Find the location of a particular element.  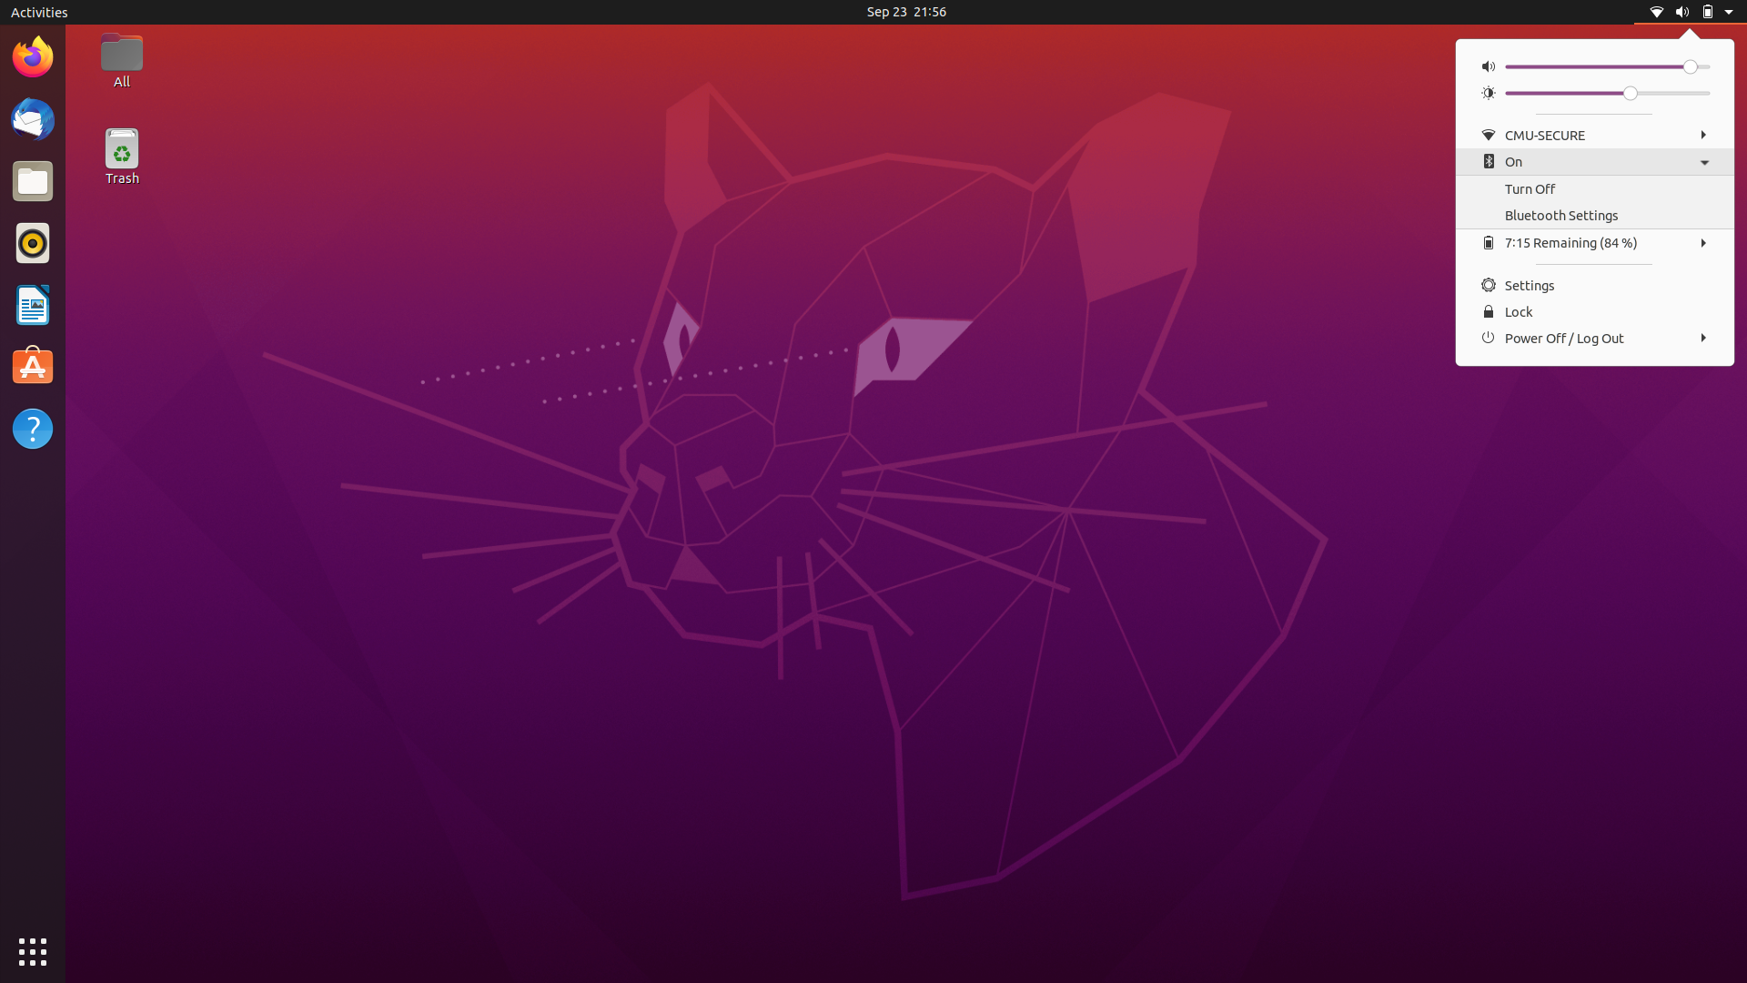

Decrease Brightness is located at coordinates (1512, 92).